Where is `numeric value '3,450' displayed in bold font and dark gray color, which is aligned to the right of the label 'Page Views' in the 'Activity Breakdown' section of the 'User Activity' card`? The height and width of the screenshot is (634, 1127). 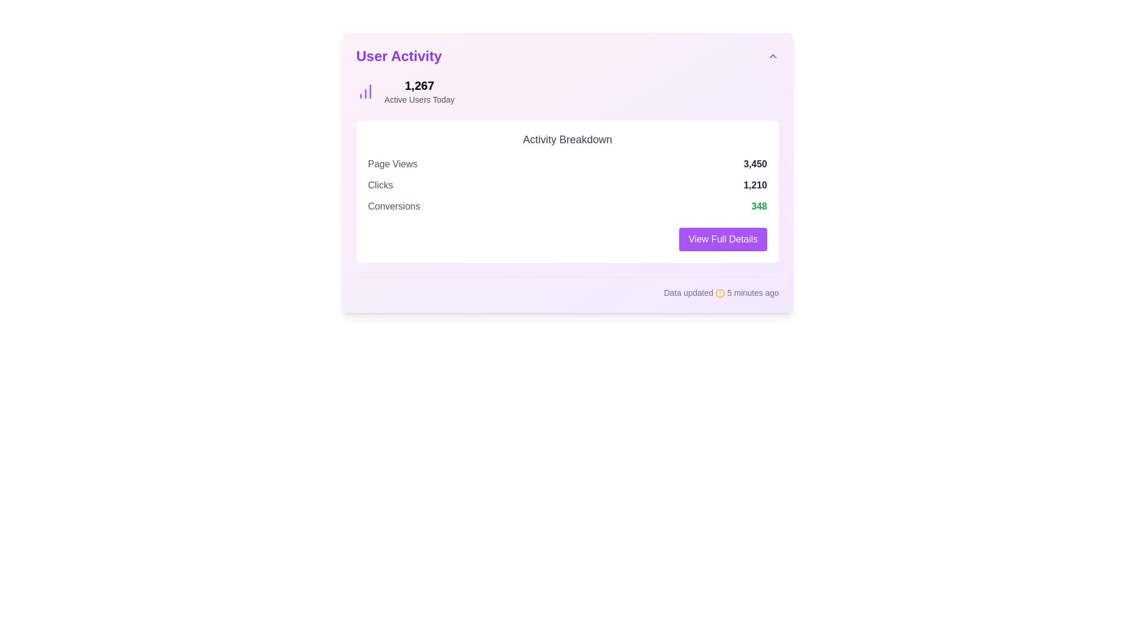
numeric value '3,450' displayed in bold font and dark gray color, which is aligned to the right of the label 'Page Views' in the 'Activity Breakdown' section of the 'User Activity' card is located at coordinates (755, 164).